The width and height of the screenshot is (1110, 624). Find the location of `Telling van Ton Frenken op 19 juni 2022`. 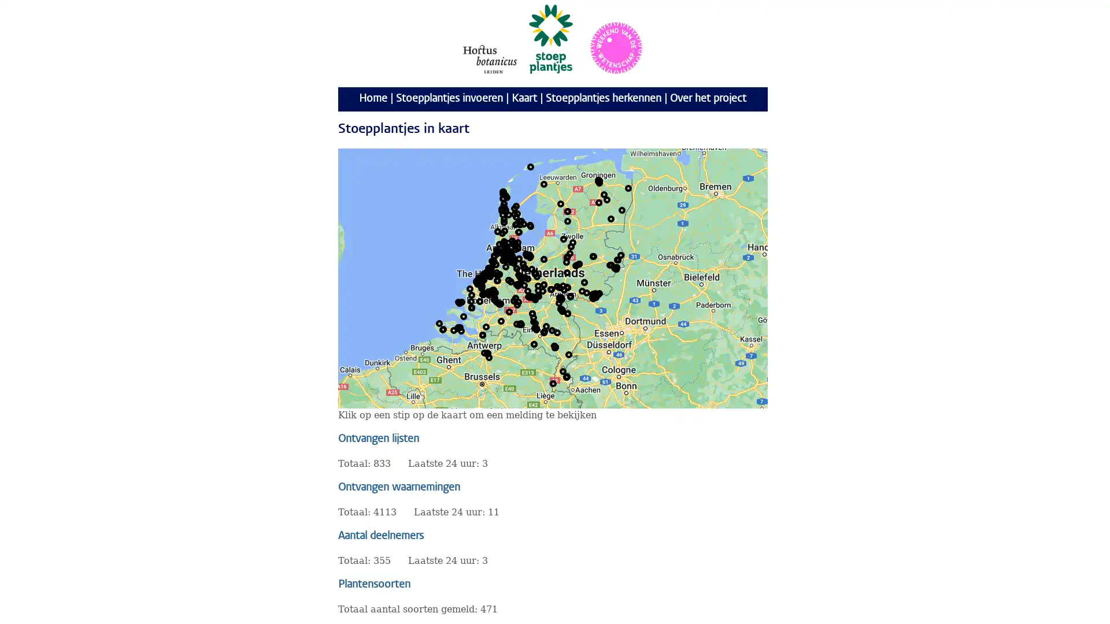

Telling van Ton Frenken op 19 juni 2022 is located at coordinates (555, 347).